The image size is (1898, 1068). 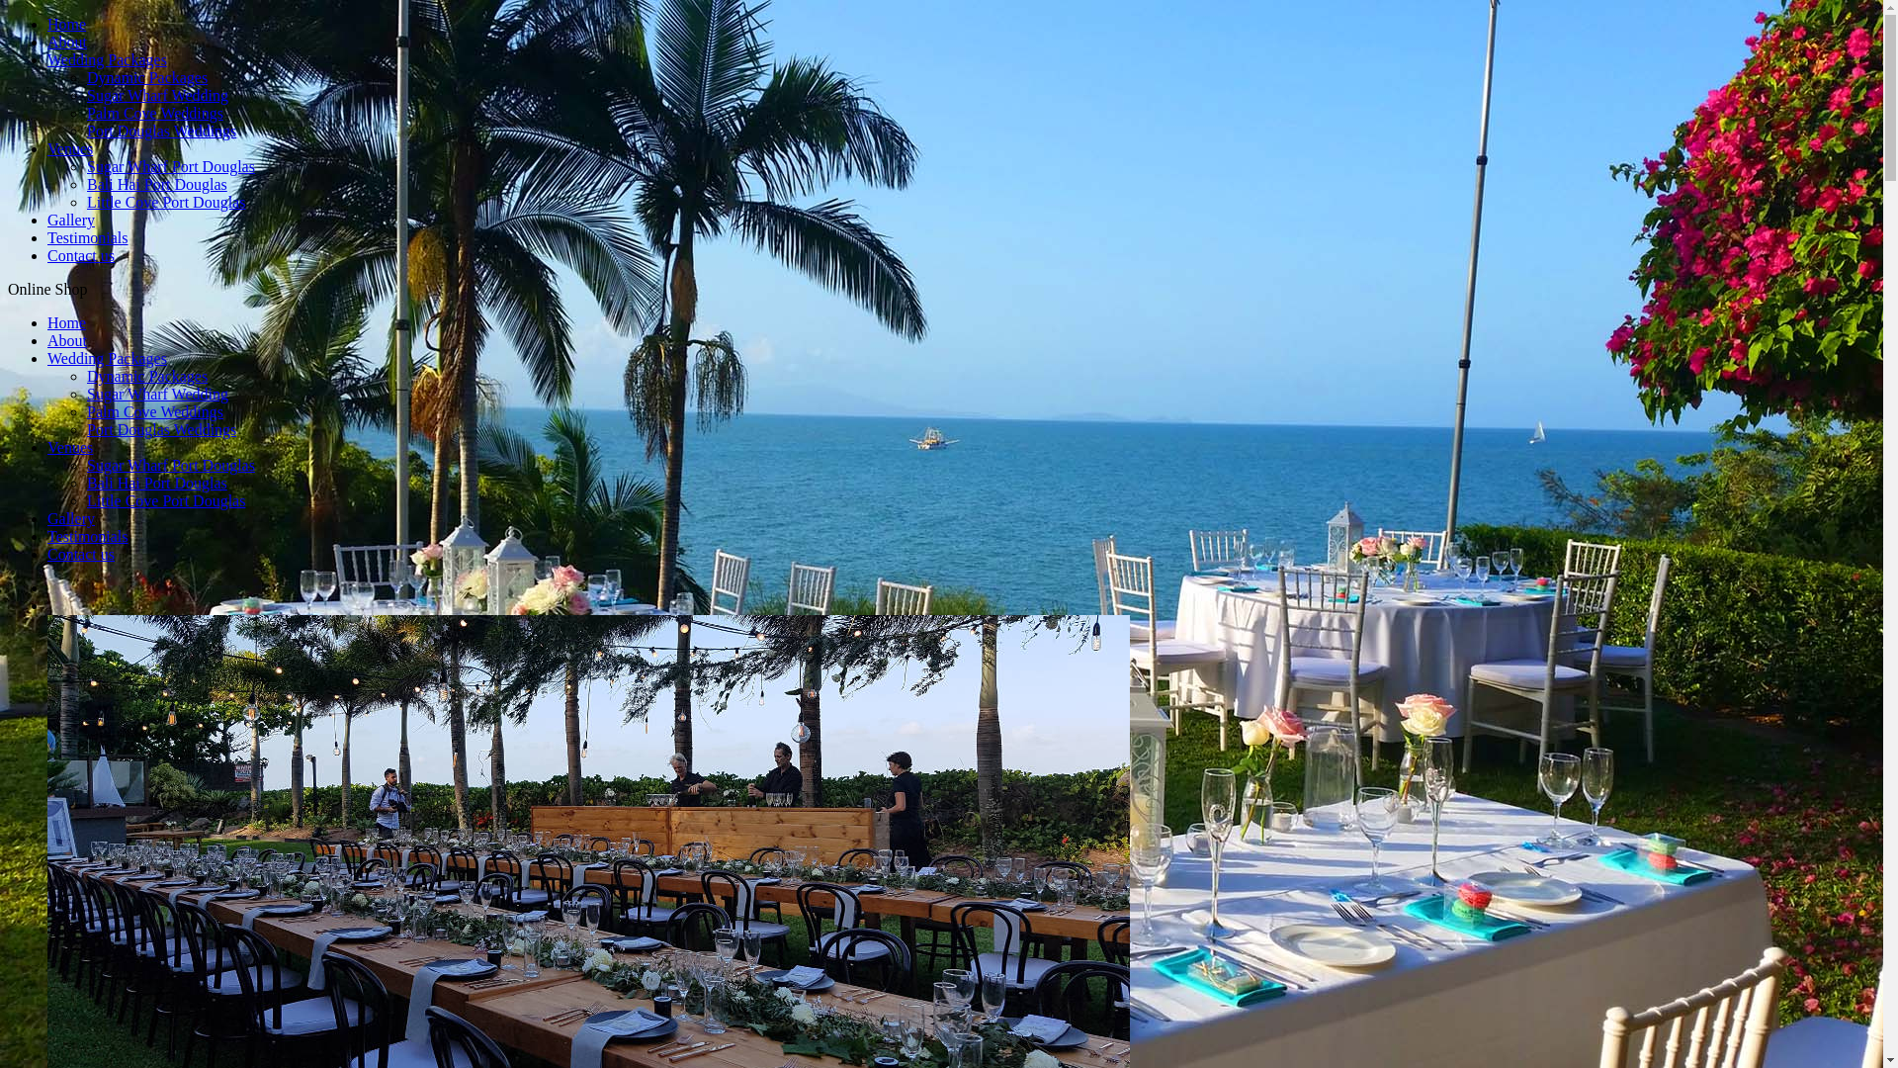 I want to click on 'About', so click(x=47, y=339).